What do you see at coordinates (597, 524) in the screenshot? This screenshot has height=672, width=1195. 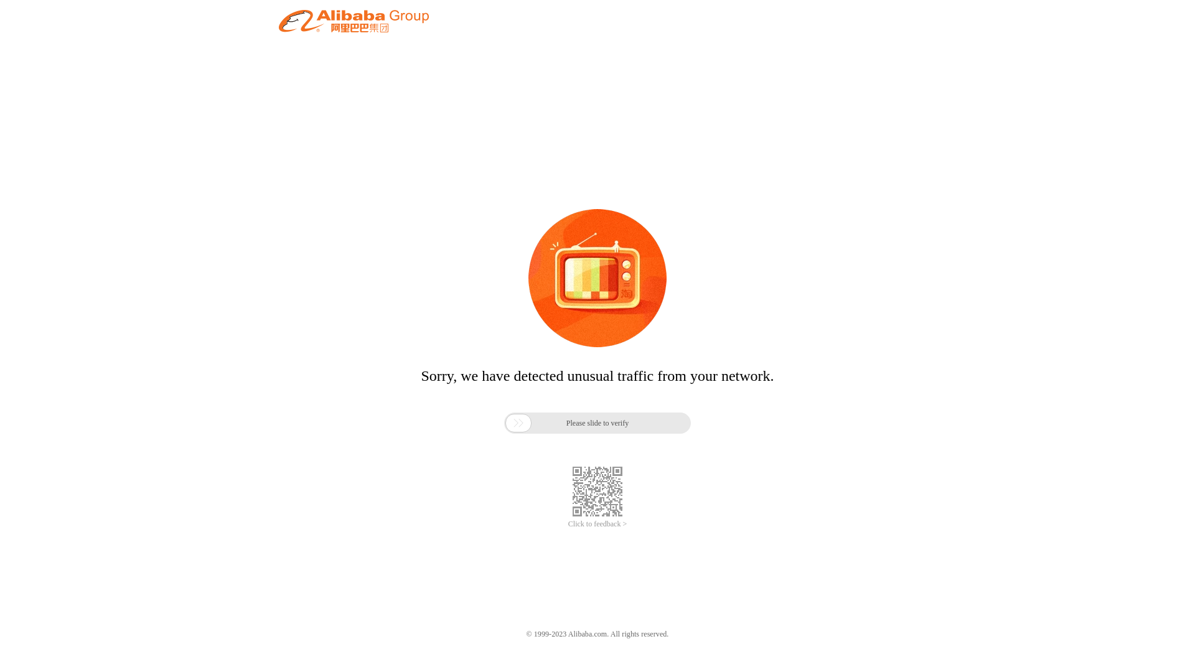 I see `'Click to feedback >'` at bounding box center [597, 524].